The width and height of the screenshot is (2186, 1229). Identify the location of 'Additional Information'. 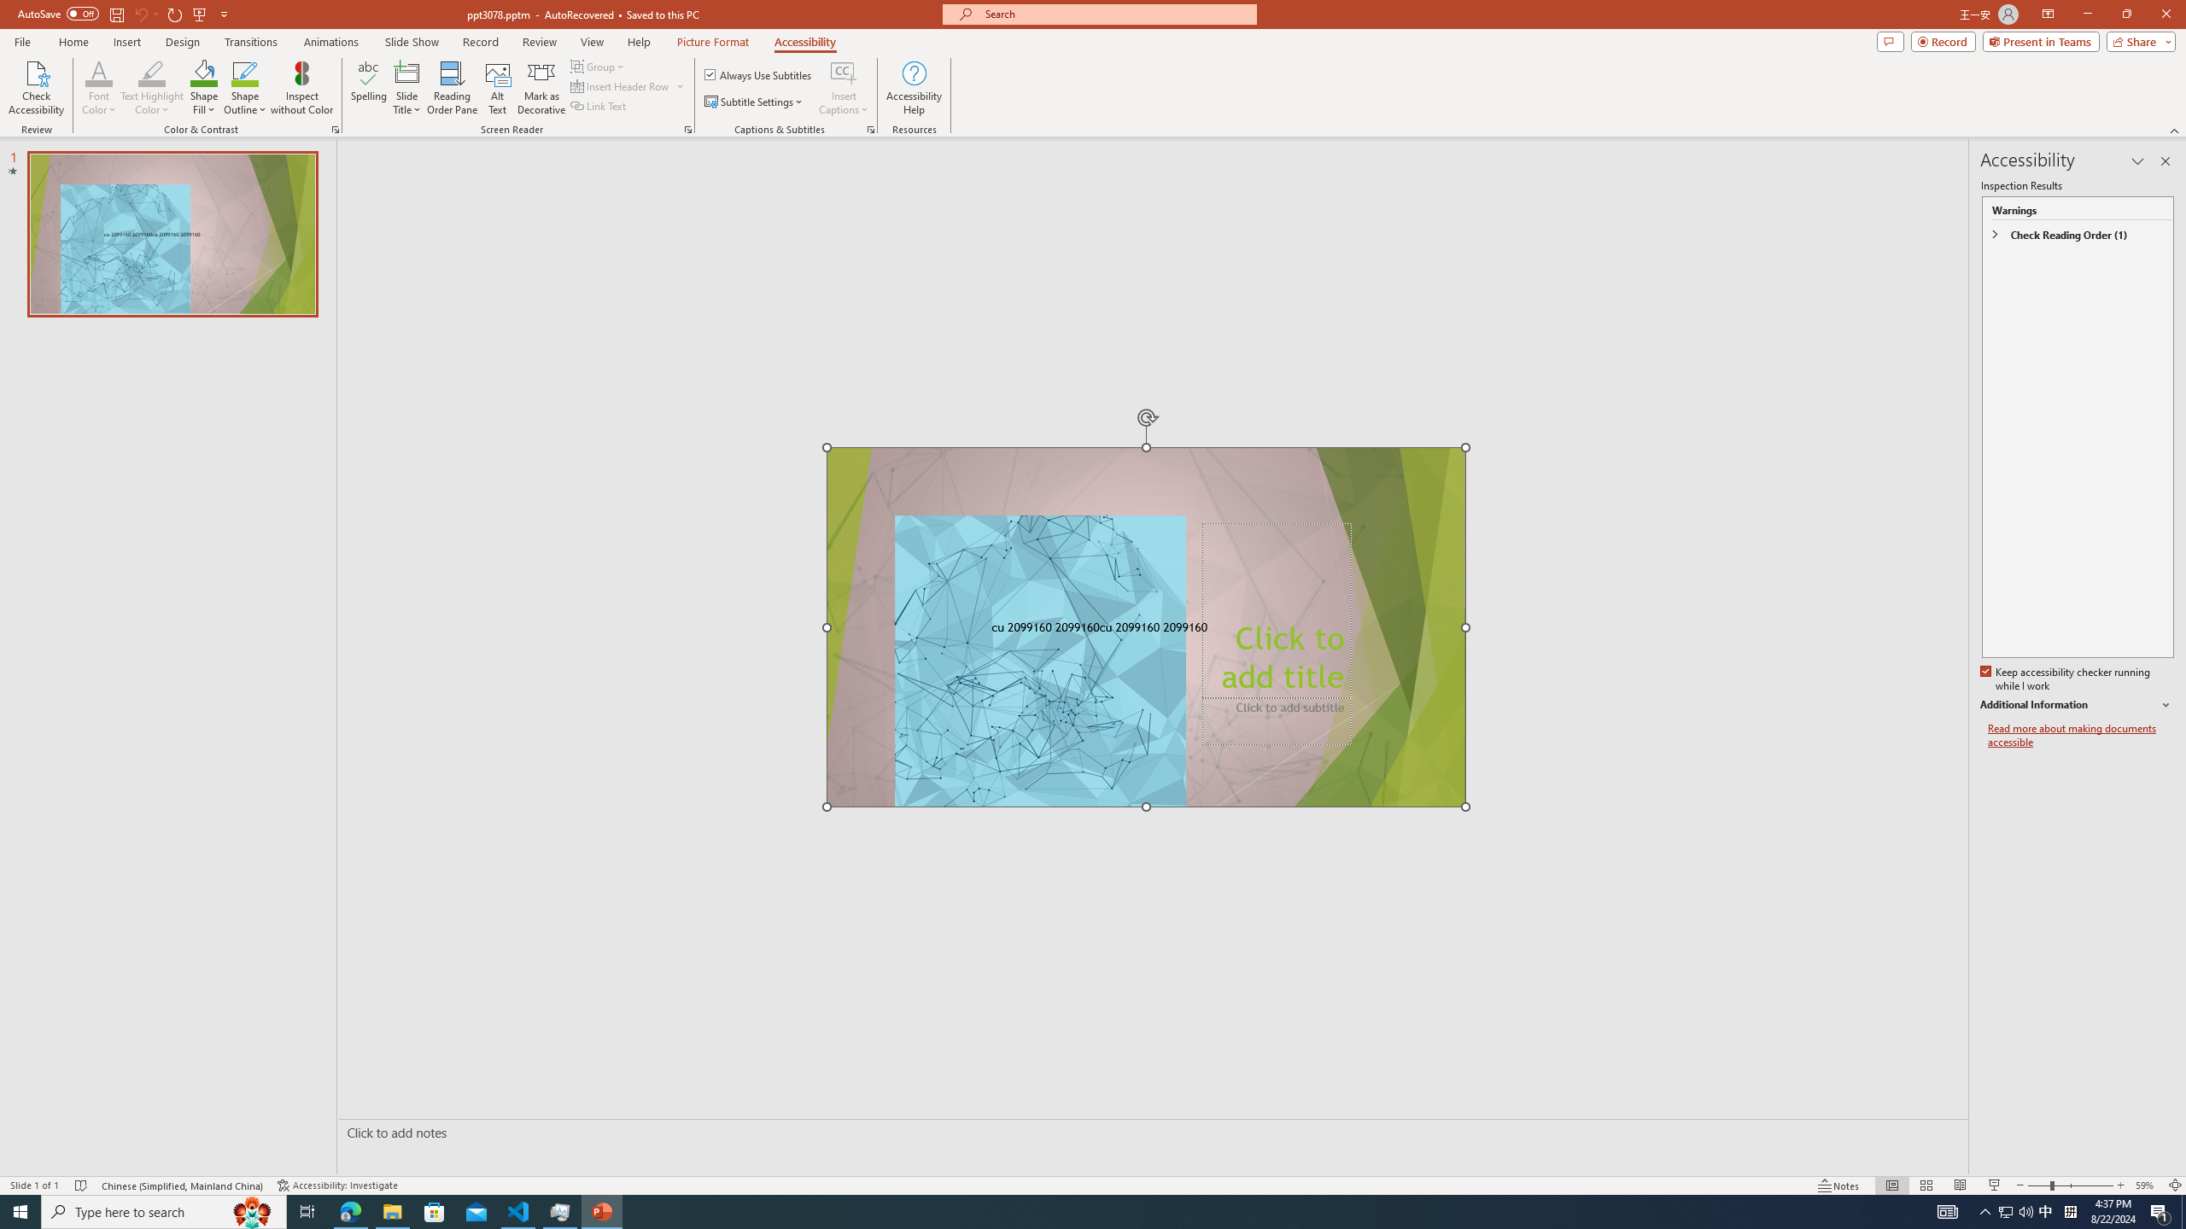
(2078, 705).